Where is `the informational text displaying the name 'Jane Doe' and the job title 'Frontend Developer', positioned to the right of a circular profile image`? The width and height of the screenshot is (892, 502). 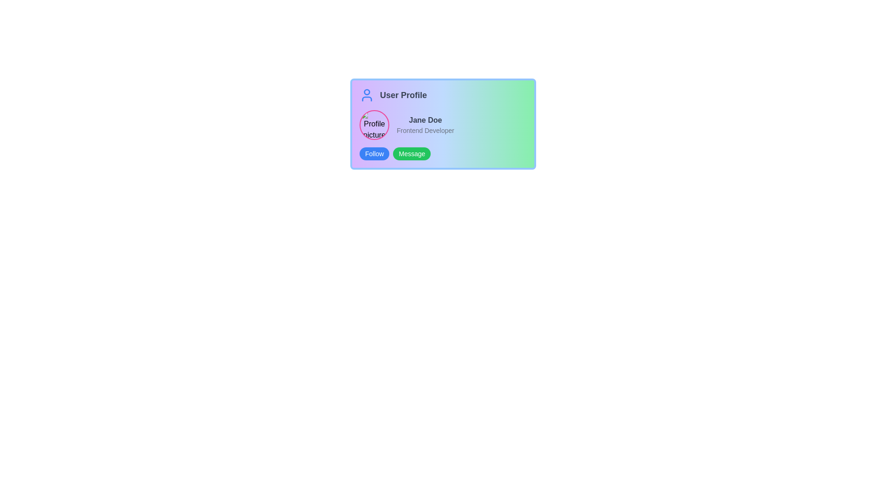 the informational text displaying the name 'Jane Doe' and the job title 'Frontend Developer', positioned to the right of a circular profile image is located at coordinates (443, 125).